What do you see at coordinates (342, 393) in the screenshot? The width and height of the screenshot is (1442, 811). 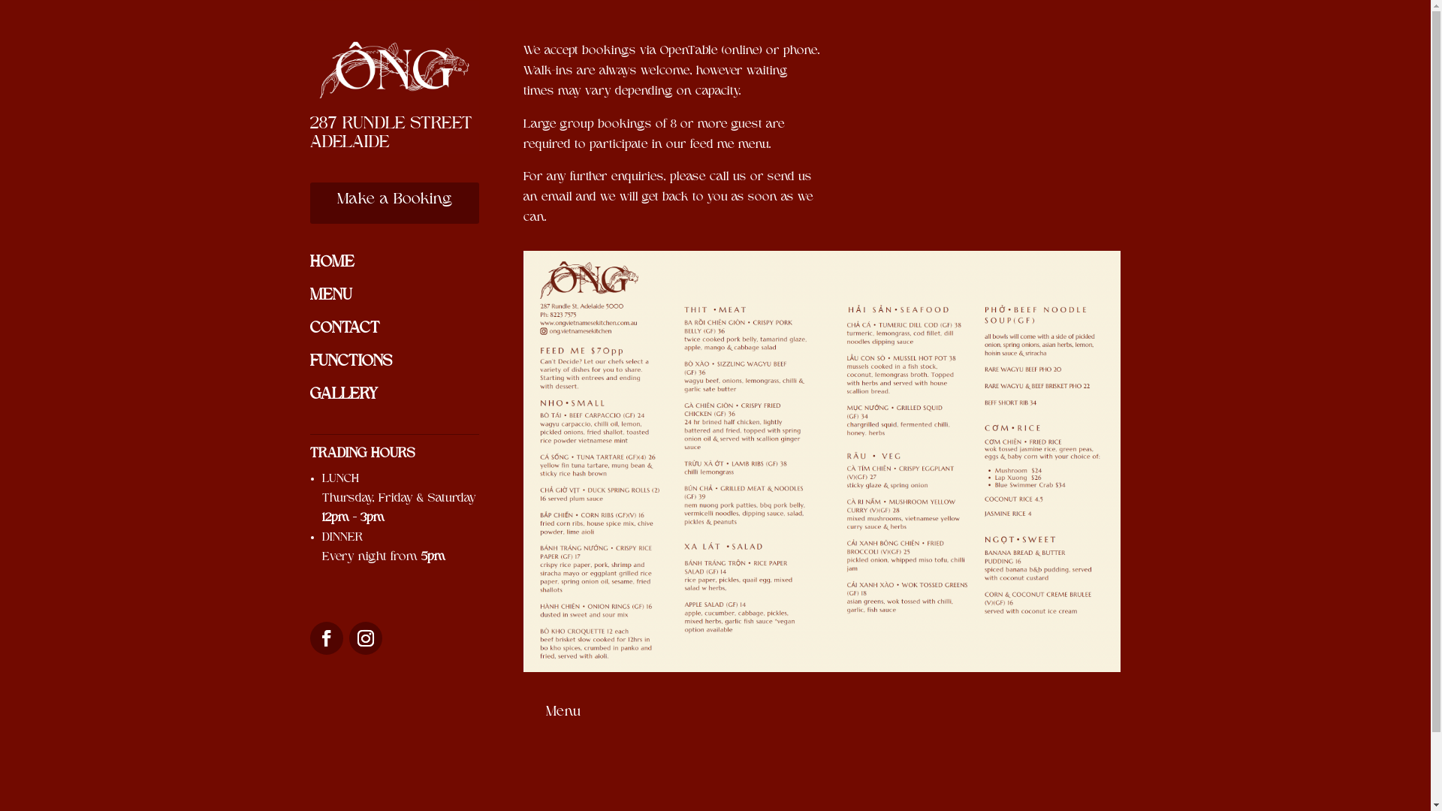 I see `'GALLERY'` at bounding box center [342, 393].